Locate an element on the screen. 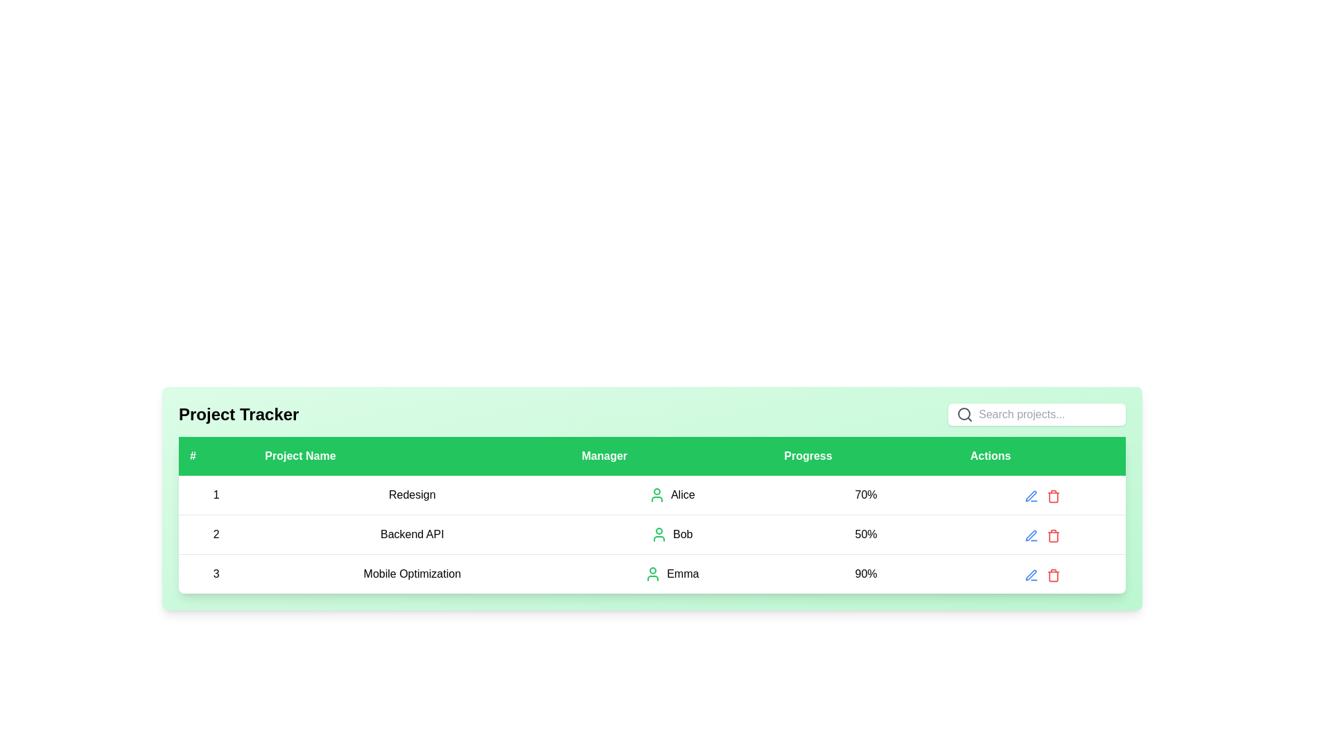 The width and height of the screenshot is (1331, 749). the red trash bin icon located at the rightmost position of the third project's action buttons is located at coordinates (1053, 496).